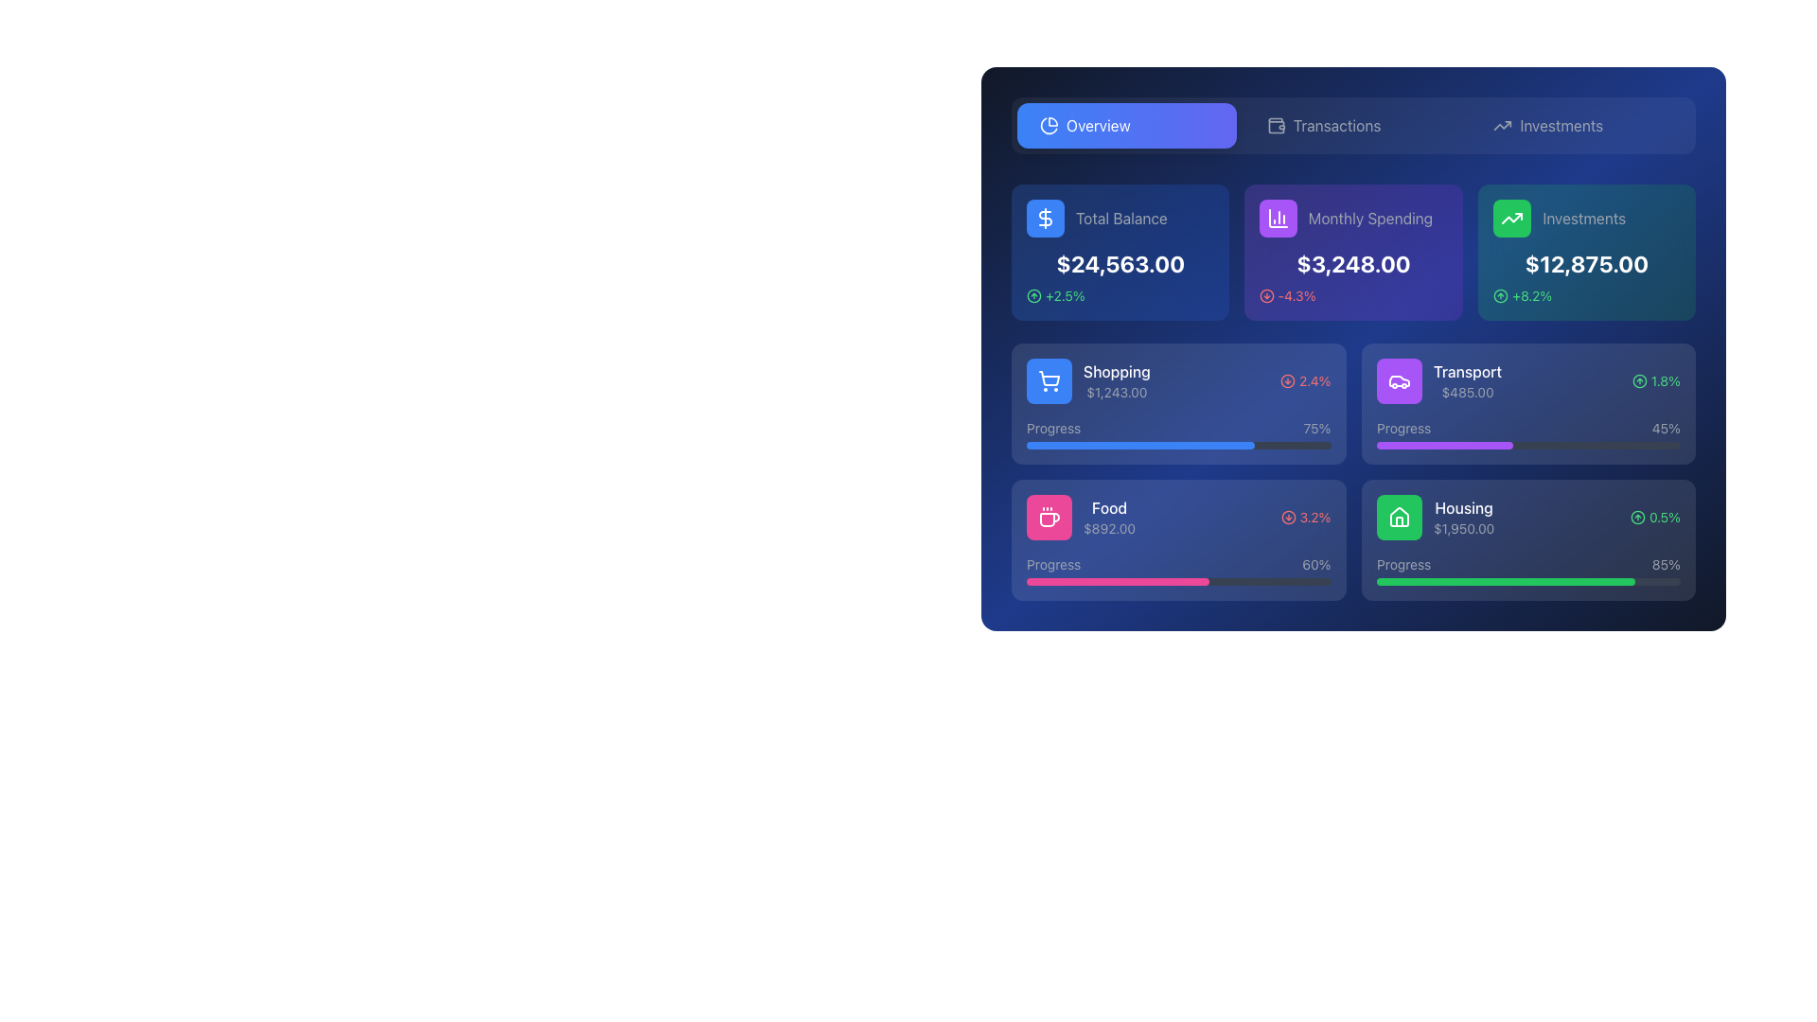 Image resolution: width=1817 pixels, height=1022 pixels. What do you see at coordinates (1664, 518) in the screenshot?
I see `the static text component displaying a percentage related to the 'Housing' category, located in the bottom-right card of the interface, near the upper-right corner adjacent to a circular icon with an upward arrow` at bounding box center [1664, 518].